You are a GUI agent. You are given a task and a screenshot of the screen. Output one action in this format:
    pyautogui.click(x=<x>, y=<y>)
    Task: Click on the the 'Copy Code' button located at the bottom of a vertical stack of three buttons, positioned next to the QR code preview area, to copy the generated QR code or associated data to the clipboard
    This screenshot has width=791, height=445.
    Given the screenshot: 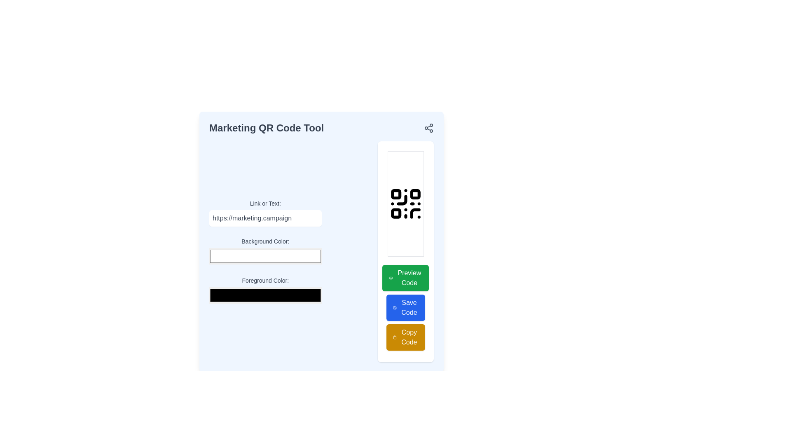 What is the action you would take?
    pyautogui.click(x=405, y=337)
    